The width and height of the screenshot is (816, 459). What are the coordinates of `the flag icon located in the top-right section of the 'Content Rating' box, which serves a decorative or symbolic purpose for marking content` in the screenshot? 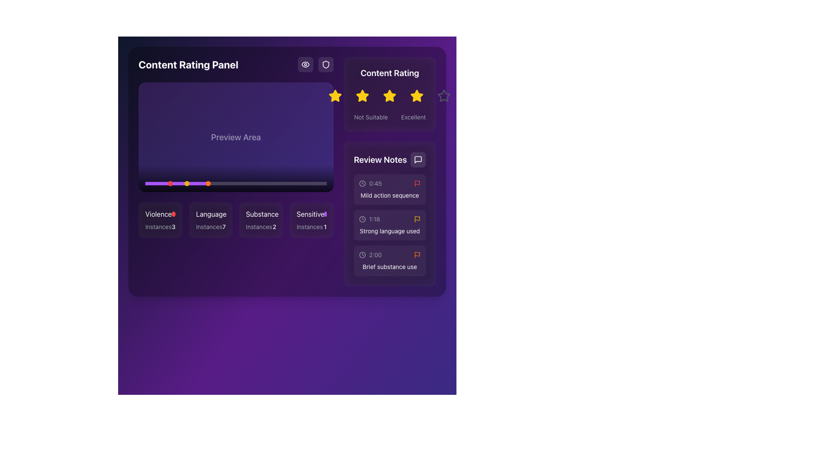 It's located at (417, 218).